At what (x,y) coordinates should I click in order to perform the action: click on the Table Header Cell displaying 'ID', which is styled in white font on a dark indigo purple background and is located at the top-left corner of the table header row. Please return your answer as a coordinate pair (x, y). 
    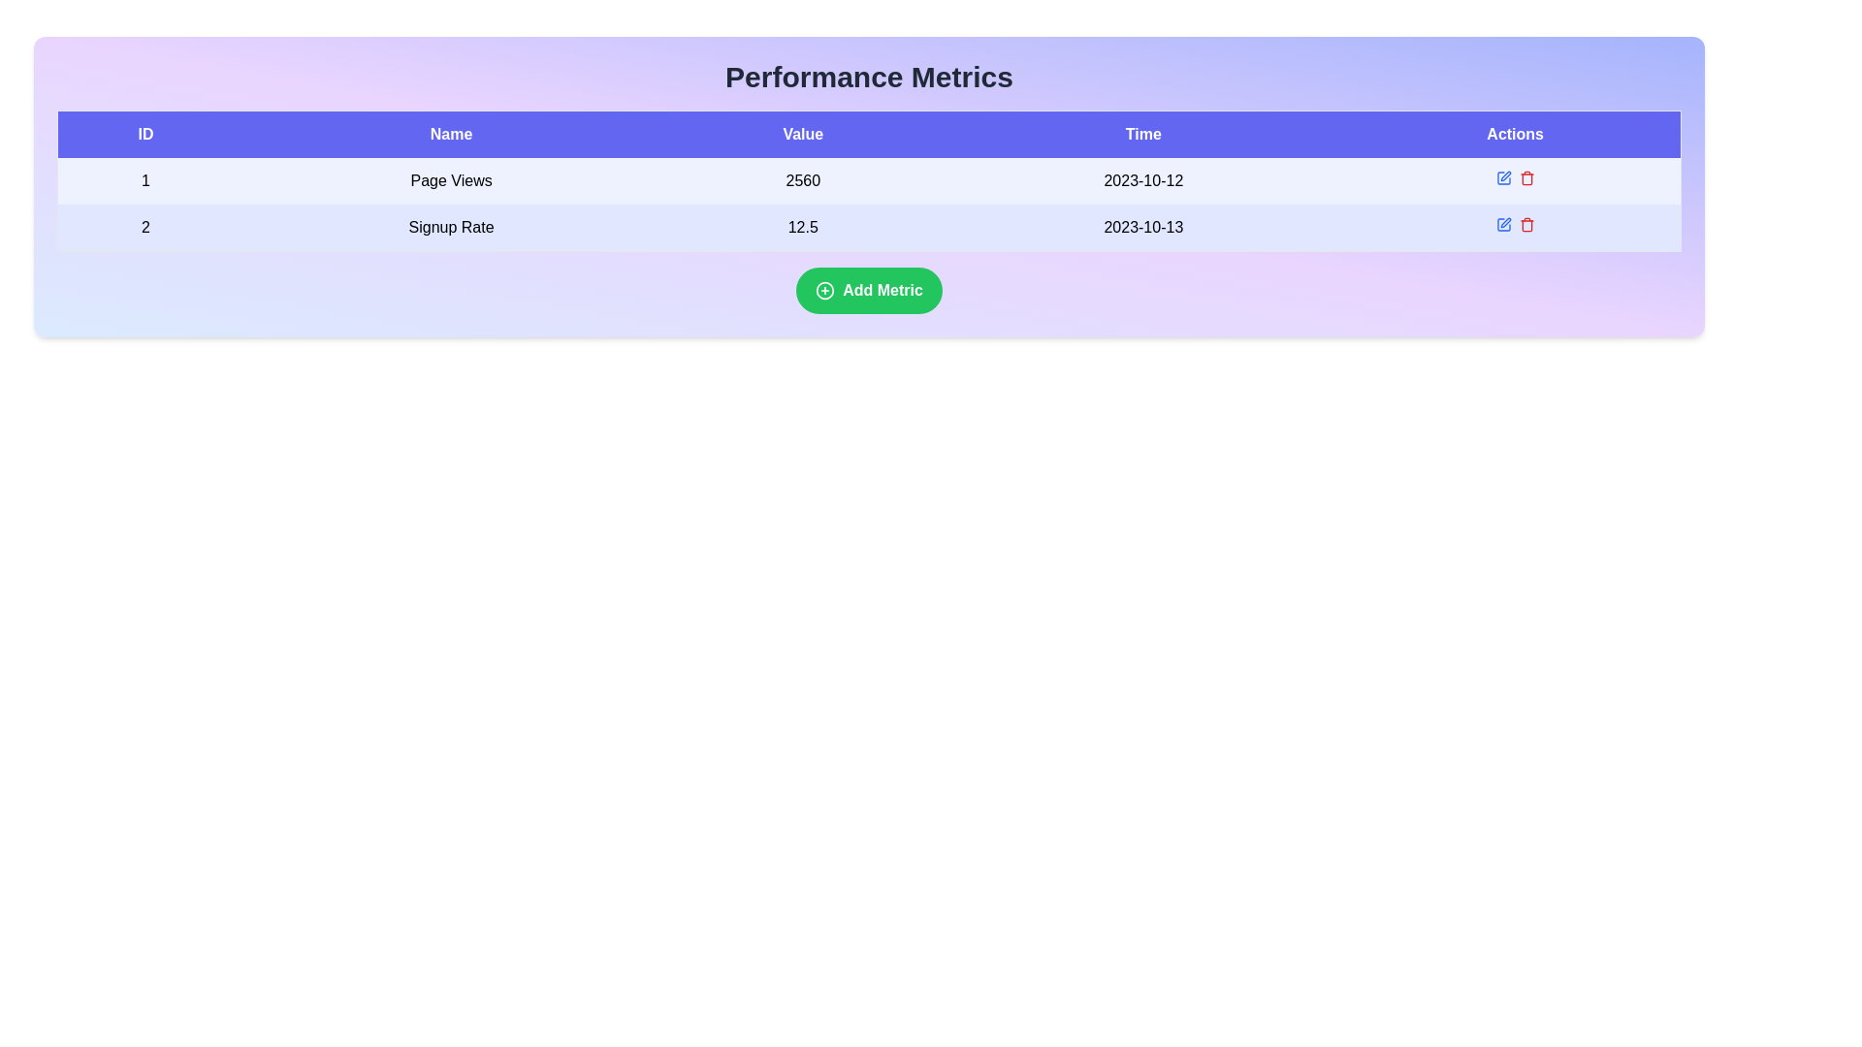
    Looking at the image, I should click on (144, 133).